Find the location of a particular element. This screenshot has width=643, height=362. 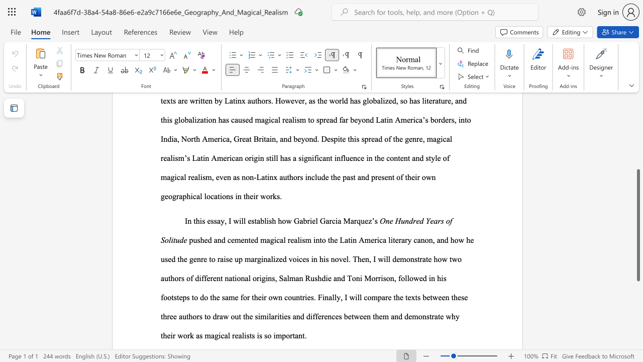

the subset text "s is so" within the text "ealists is so important." is located at coordinates (252, 335).